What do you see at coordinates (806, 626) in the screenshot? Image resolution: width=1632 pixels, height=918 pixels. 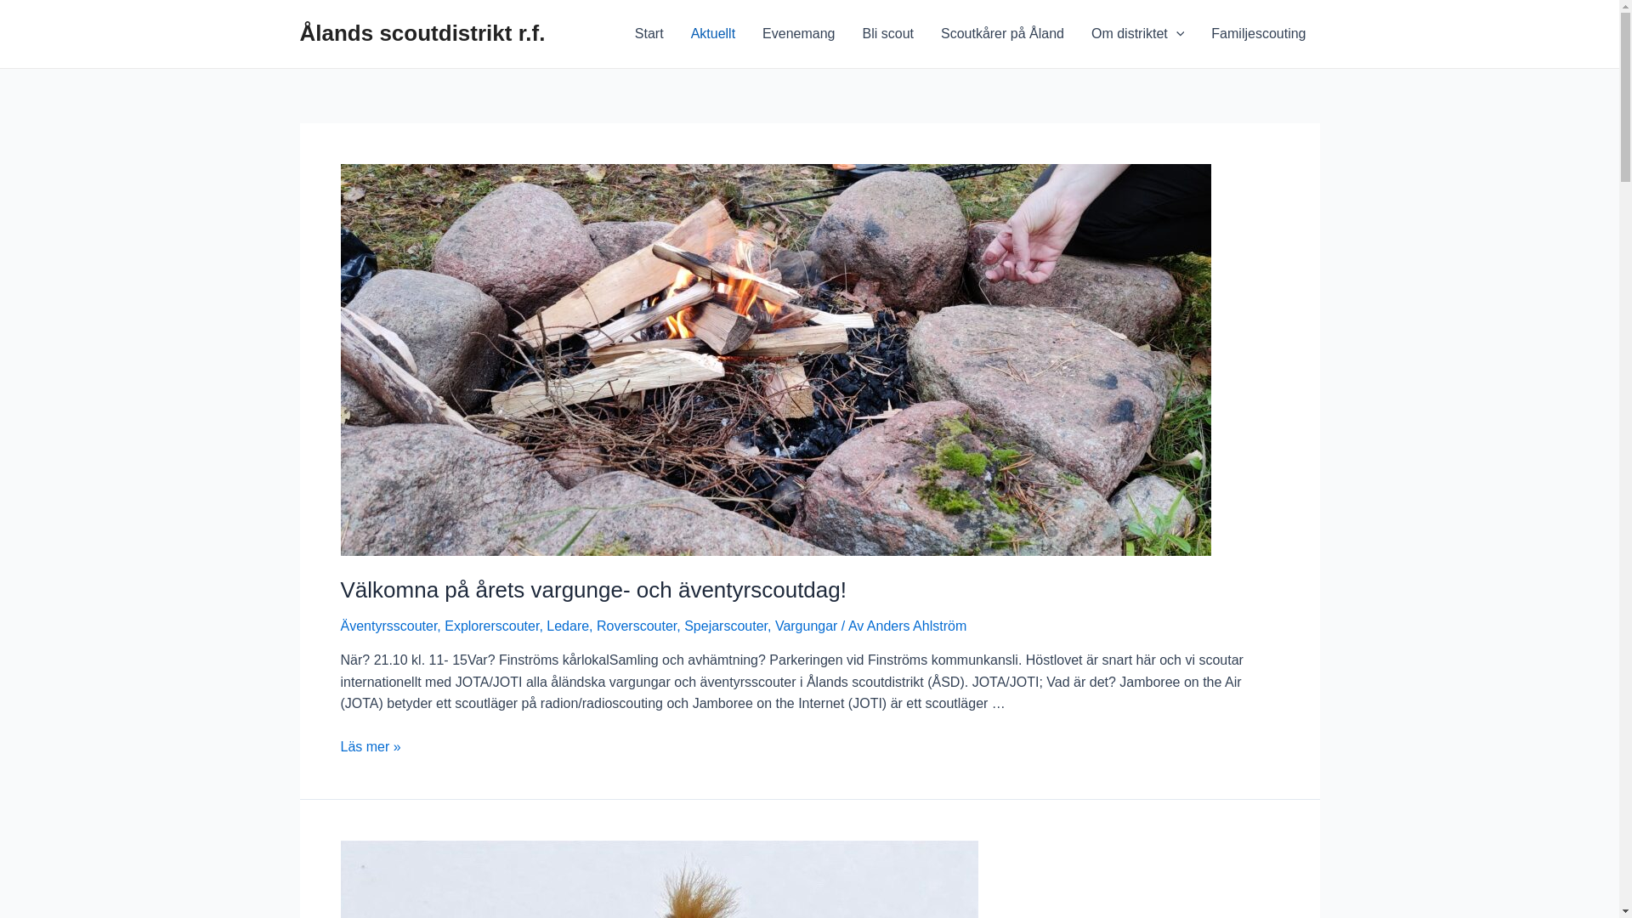 I see `'Vargungar'` at bounding box center [806, 626].